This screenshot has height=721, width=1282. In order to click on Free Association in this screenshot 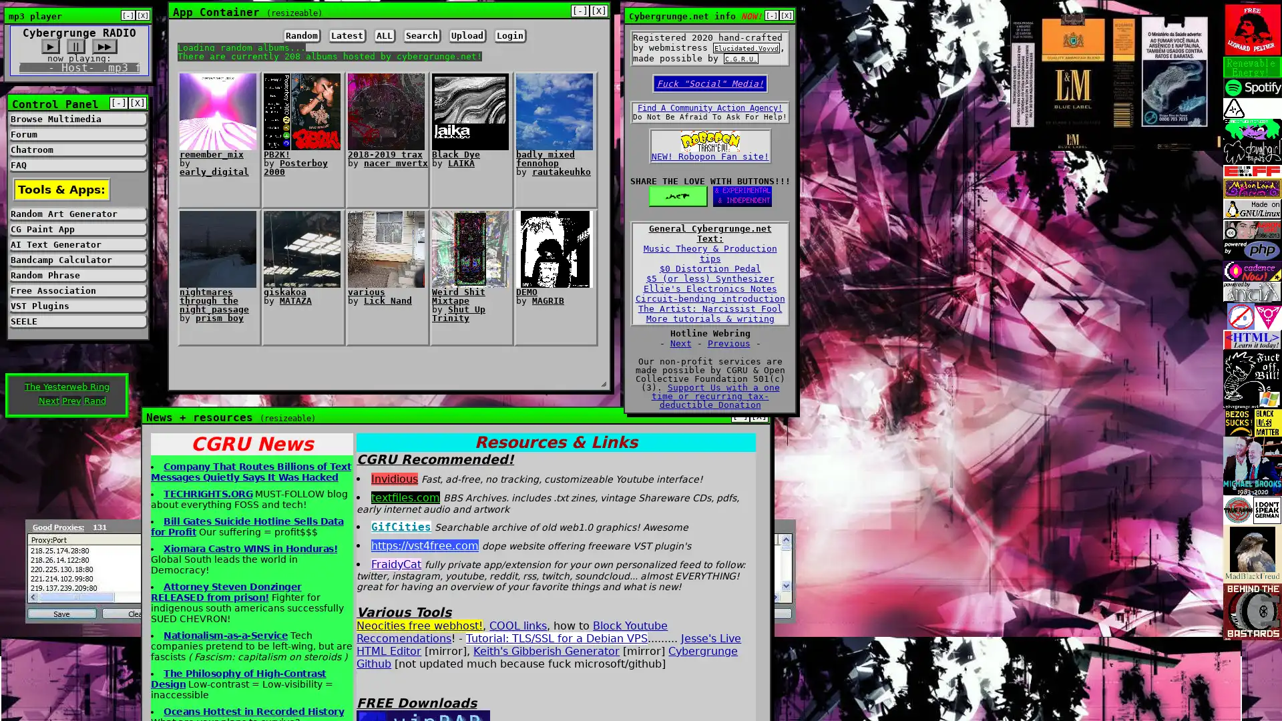, I will do `click(77, 290)`.